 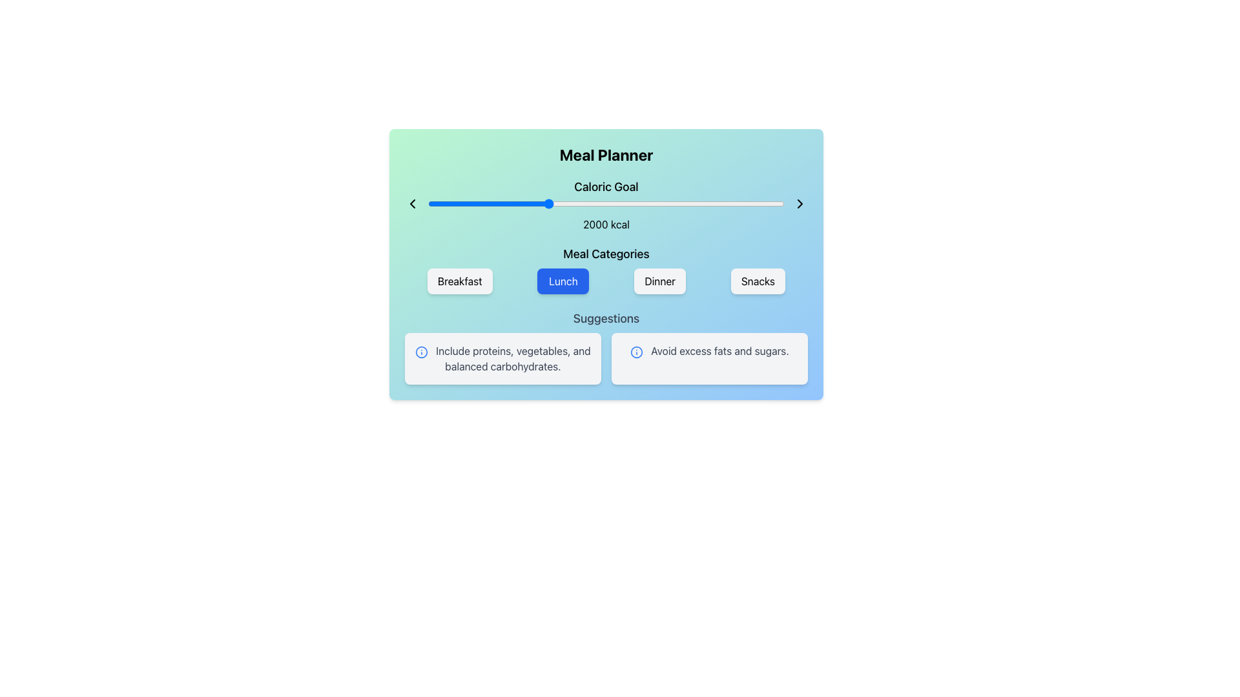 What do you see at coordinates (709, 358) in the screenshot?
I see `the informational block containing the text 'Avoid excess fats and sugars' which is styled with a light gray background and rounded corners, located in the Meal Planner section as the second suggestion` at bounding box center [709, 358].